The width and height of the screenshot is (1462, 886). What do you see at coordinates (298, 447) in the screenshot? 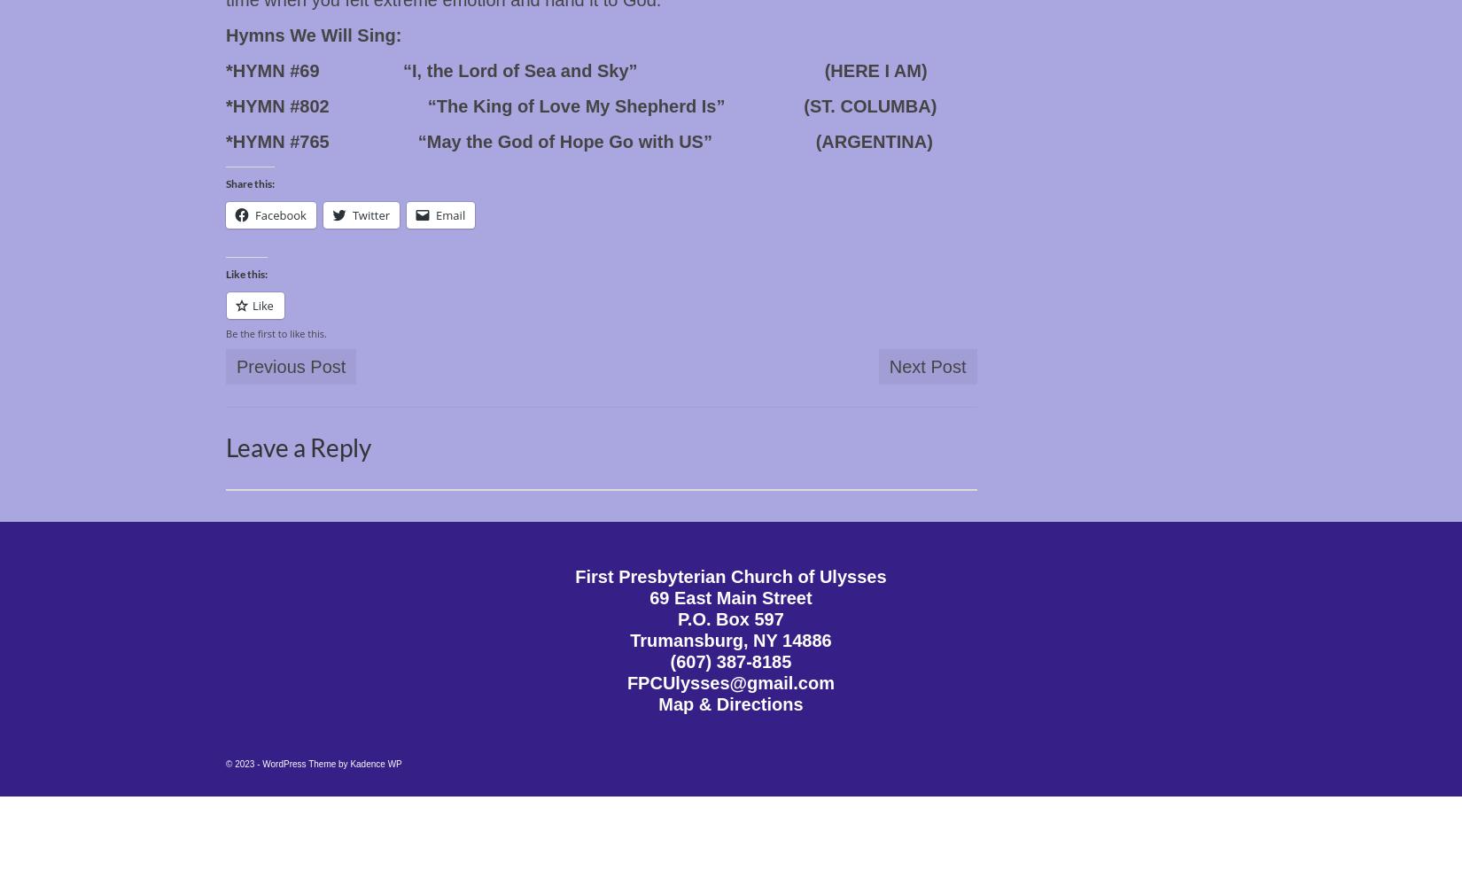
I see `'Leave a Reply'` at bounding box center [298, 447].